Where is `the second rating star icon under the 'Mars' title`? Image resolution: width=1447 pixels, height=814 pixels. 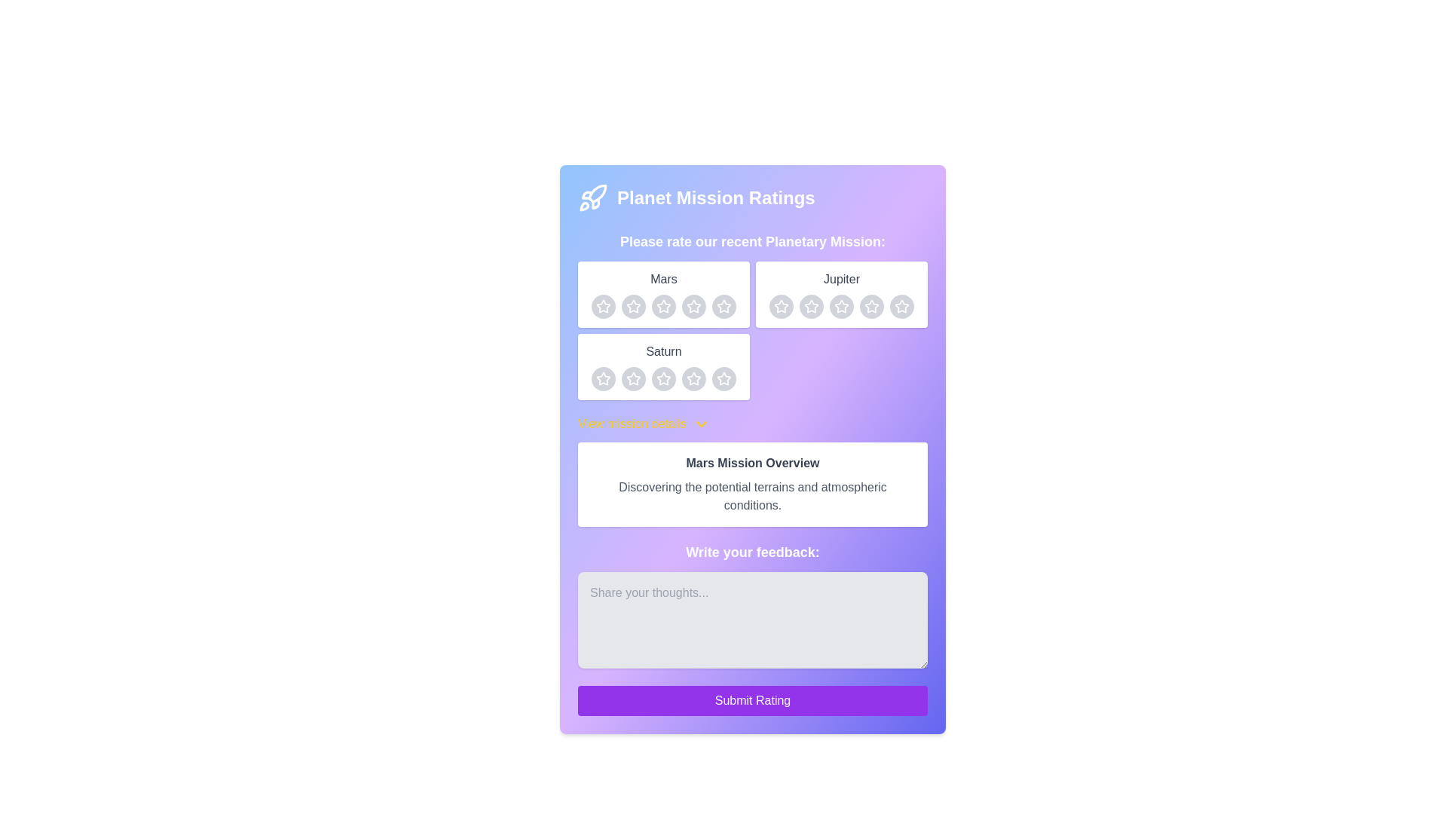
the second rating star icon under the 'Mars' title is located at coordinates (662, 305).